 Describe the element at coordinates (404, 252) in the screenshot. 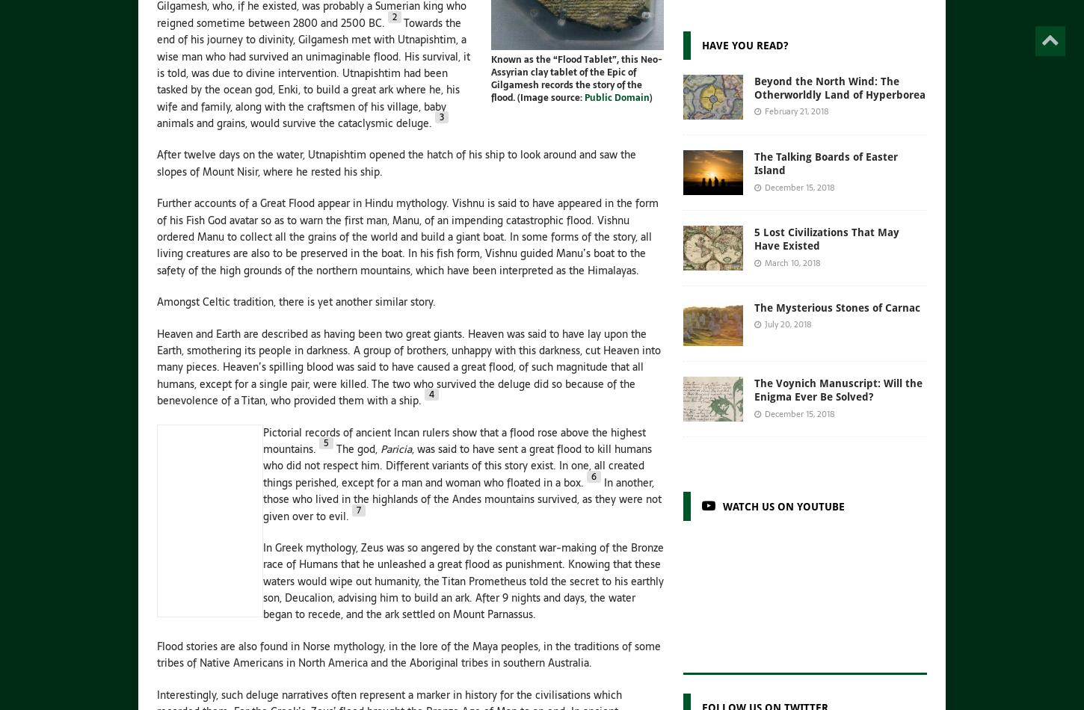

I see `'In some forms of the story, all living creatures are also to be preserved in the boat. In his fish form, Vishnu guided Manu’s boat to the safety of the high grounds of the northern mountains, which have been interpreted as the Himalayas.'` at that location.